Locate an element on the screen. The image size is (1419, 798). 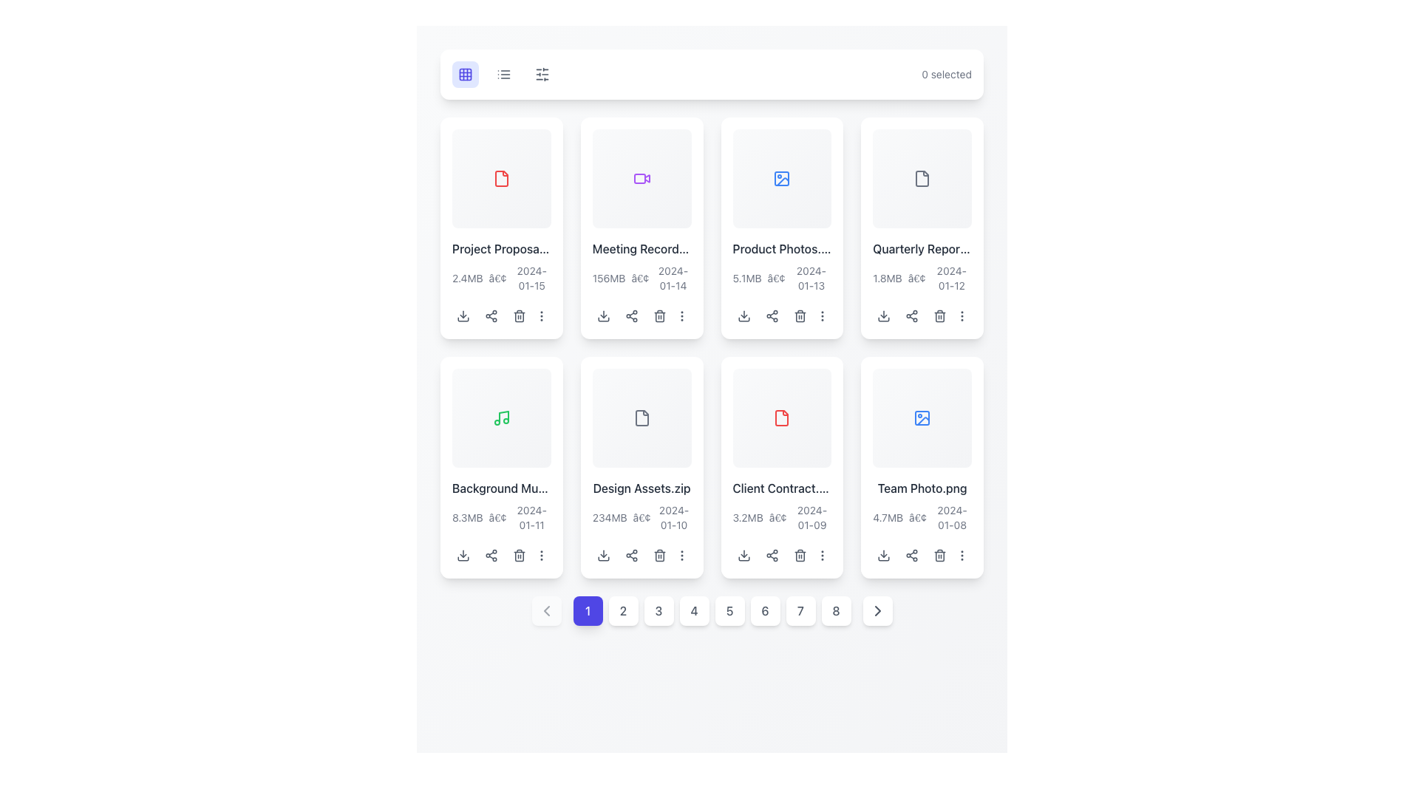
the text element that visually separates the file size and last modified date in the metadata section for the file titled 'Background Music' is located at coordinates (497, 516).